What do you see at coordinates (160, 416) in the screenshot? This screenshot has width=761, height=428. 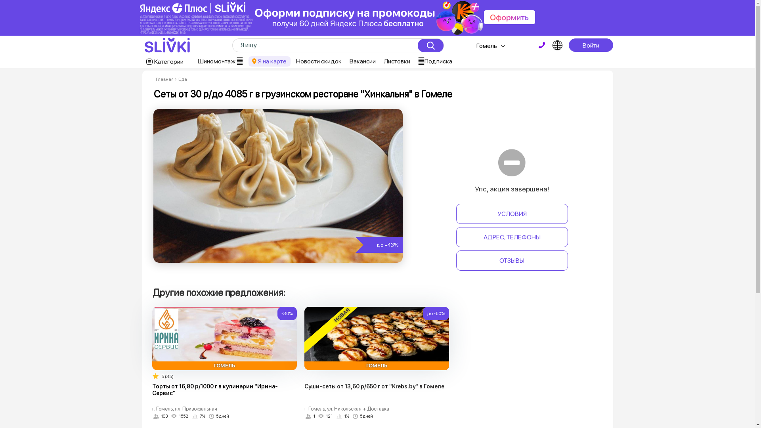 I see `'103'` at bounding box center [160, 416].